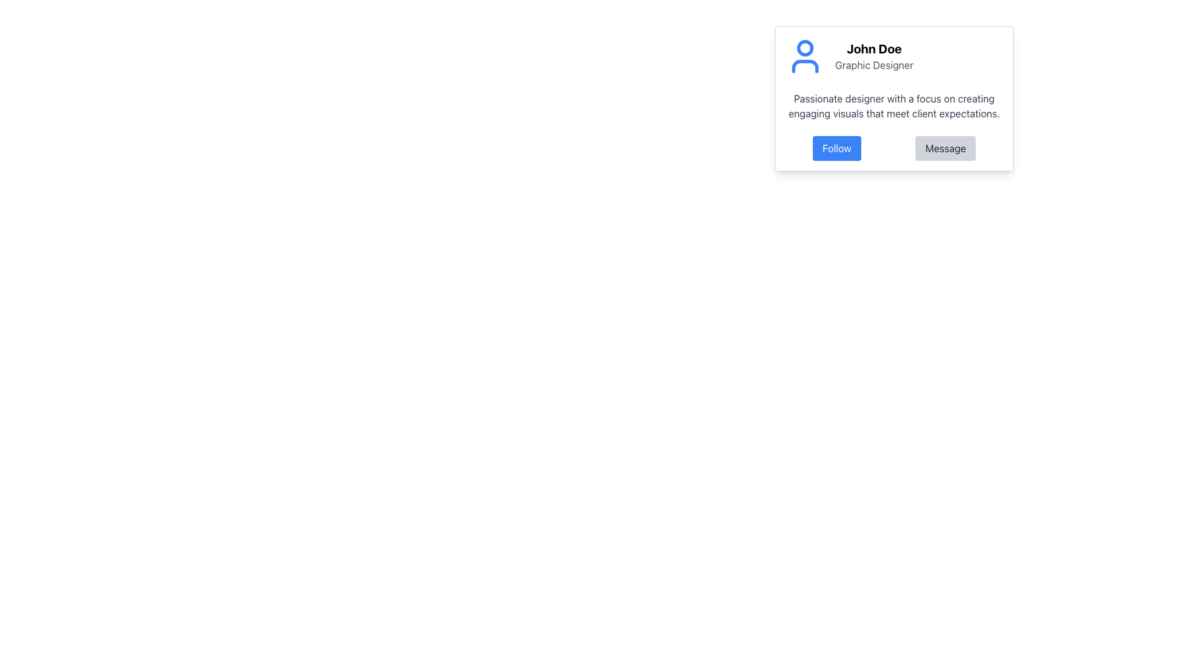 This screenshot has height=671, width=1194. What do you see at coordinates (874, 65) in the screenshot?
I see `the text label 'Graphic Designer' styled in gray font, located immediately beneath the bold text 'John Doe' within the user profile card layout` at bounding box center [874, 65].